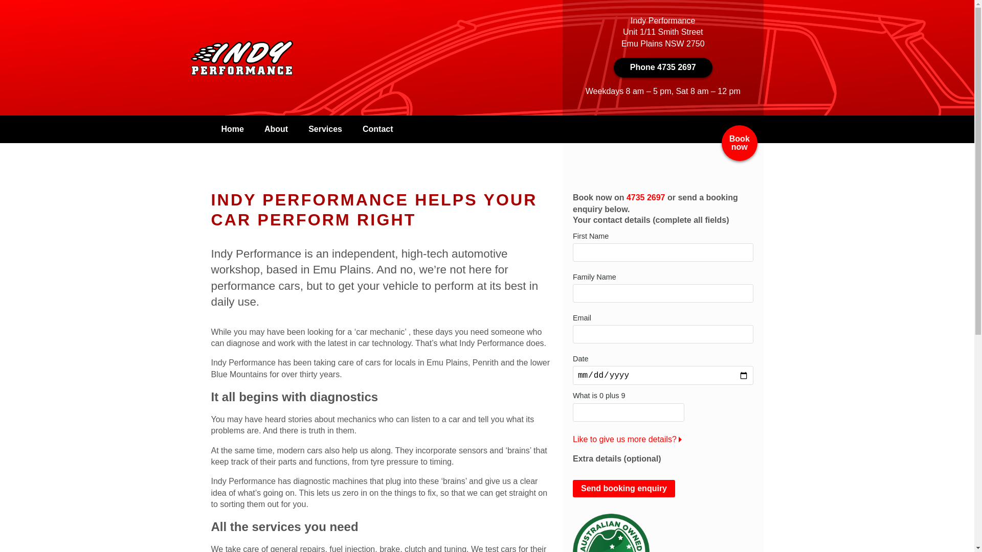  What do you see at coordinates (572, 252) in the screenshot?
I see `'Please tell us who you are in two to twenty letters'` at bounding box center [572, 252].